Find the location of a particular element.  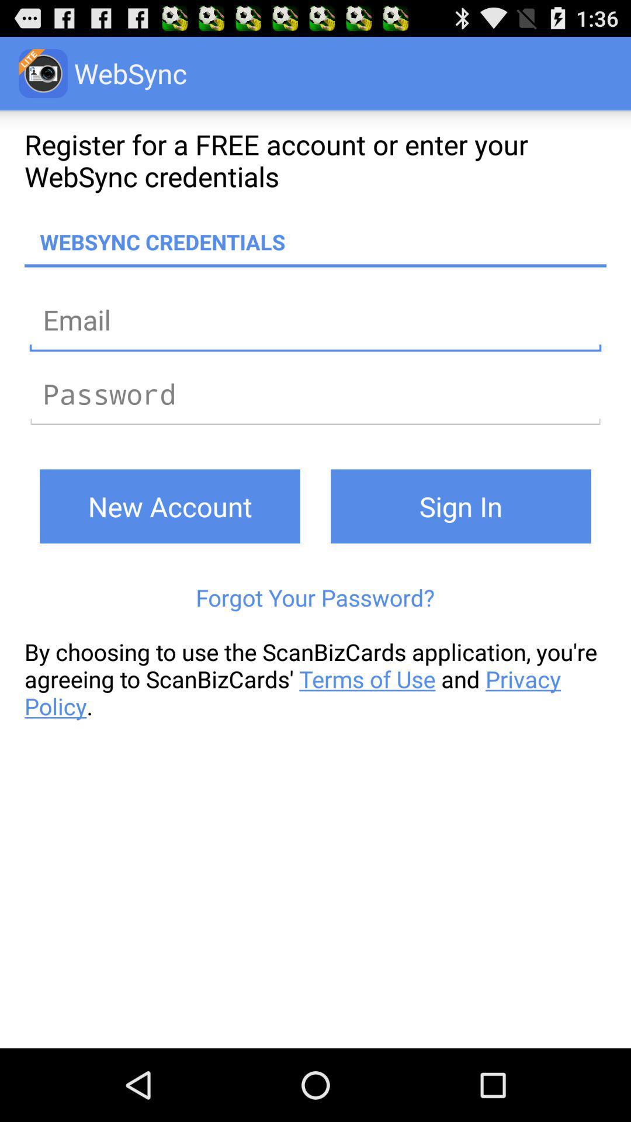

the by choosing to icon is located at coordinates (315, 679).